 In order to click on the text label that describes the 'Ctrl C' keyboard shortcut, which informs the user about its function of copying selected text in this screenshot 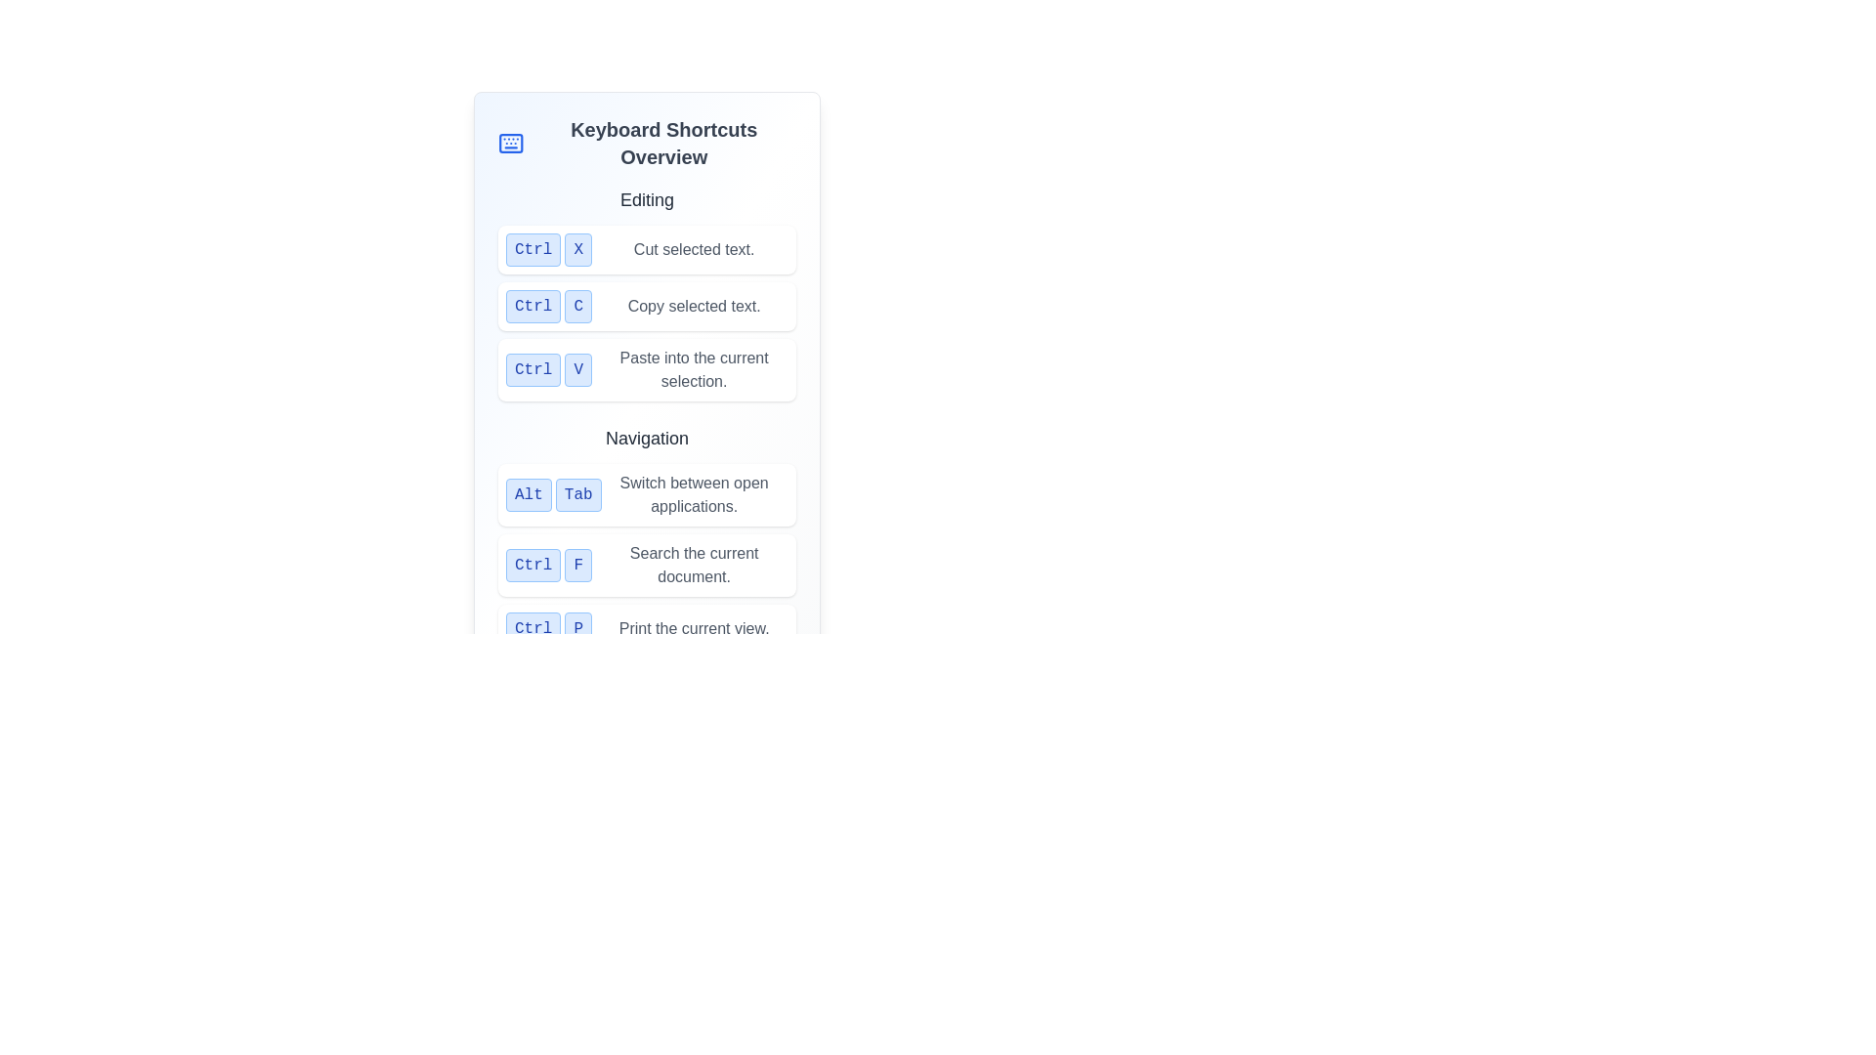, I will do `click(694, 306)`.